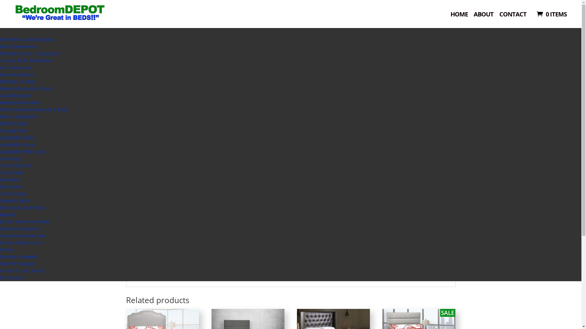 Image resolution: width=586 pixels, height=329 pixels. Describe the element at coordinates (33, 109) in the screenshot. I see `'Upholstered Headboards & Beds'` at that location.